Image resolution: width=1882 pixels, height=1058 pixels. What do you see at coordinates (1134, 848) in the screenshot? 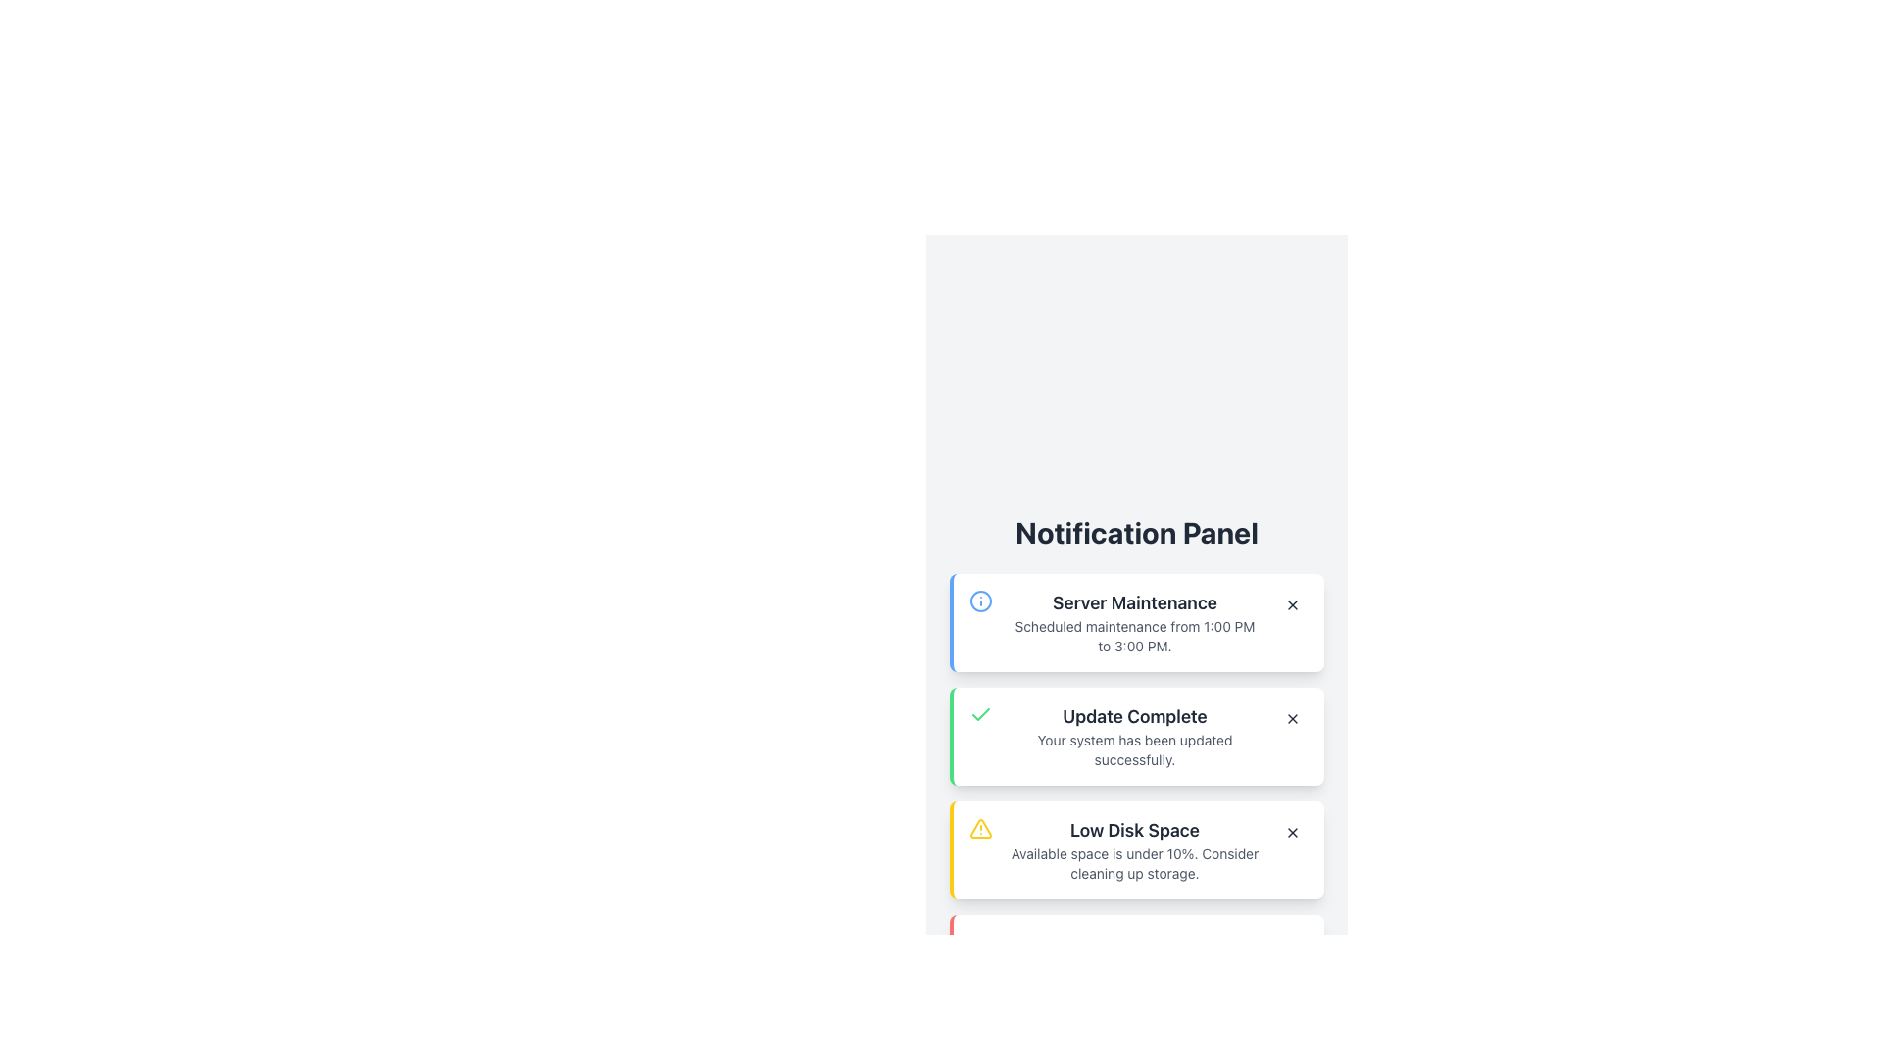
I see `notification message about low disk space located in the third entry of the vertically stacked notification panel` at bounding box center [1134, 848].